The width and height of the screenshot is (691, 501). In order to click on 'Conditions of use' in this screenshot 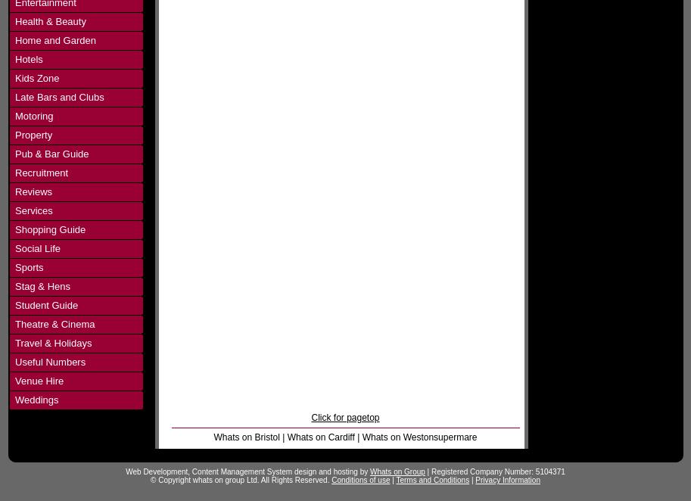, I will do `click(360, 479)`.